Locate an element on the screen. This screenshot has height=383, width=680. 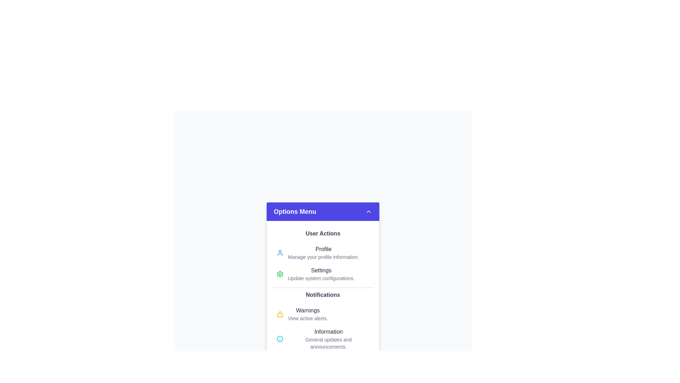
the subsections within the notifications section is located at coordinates (323, 322).